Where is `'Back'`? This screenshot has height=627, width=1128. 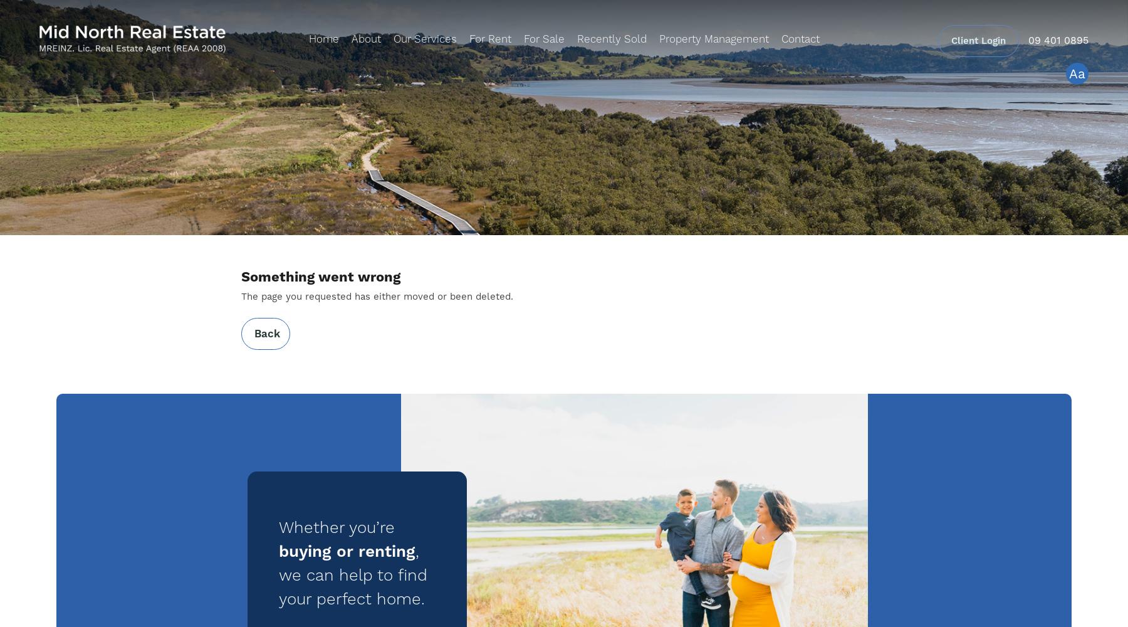 'Back' is located at coordinates (254, 334).